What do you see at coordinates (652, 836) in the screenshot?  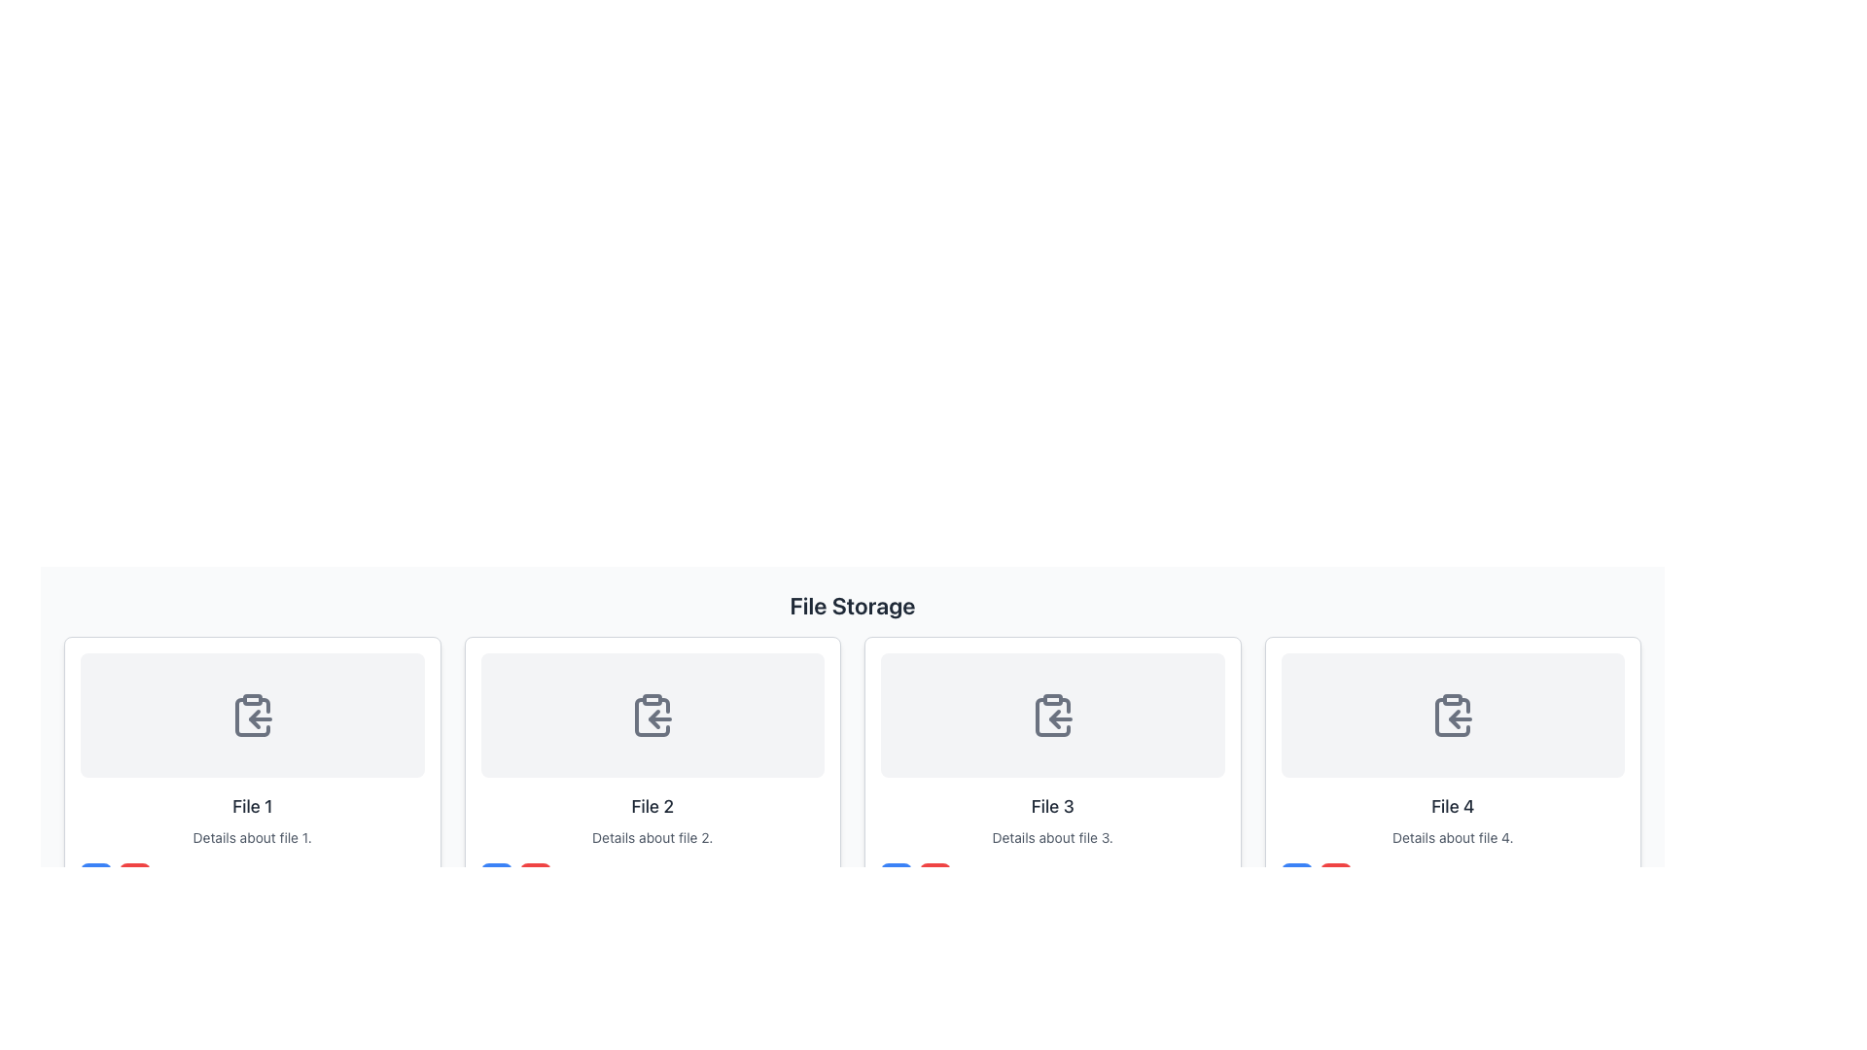 I see `the static text label providing additional information about 'File 2' located in the second card of the file representation` at bounding box center [652, 836].